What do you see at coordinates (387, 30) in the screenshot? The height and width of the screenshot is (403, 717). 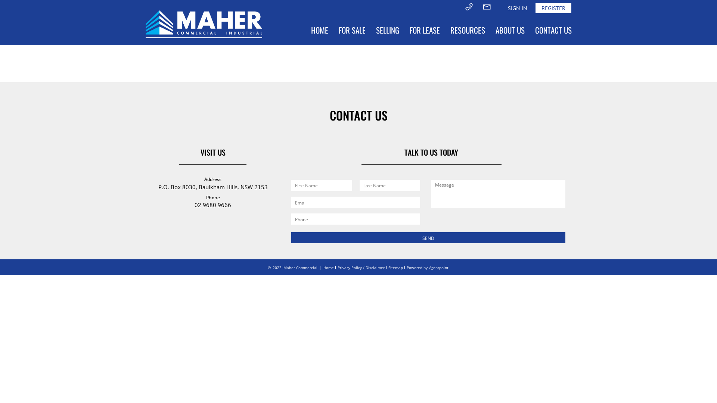 I see `'SELLING'` at bounding box center [387, 30].